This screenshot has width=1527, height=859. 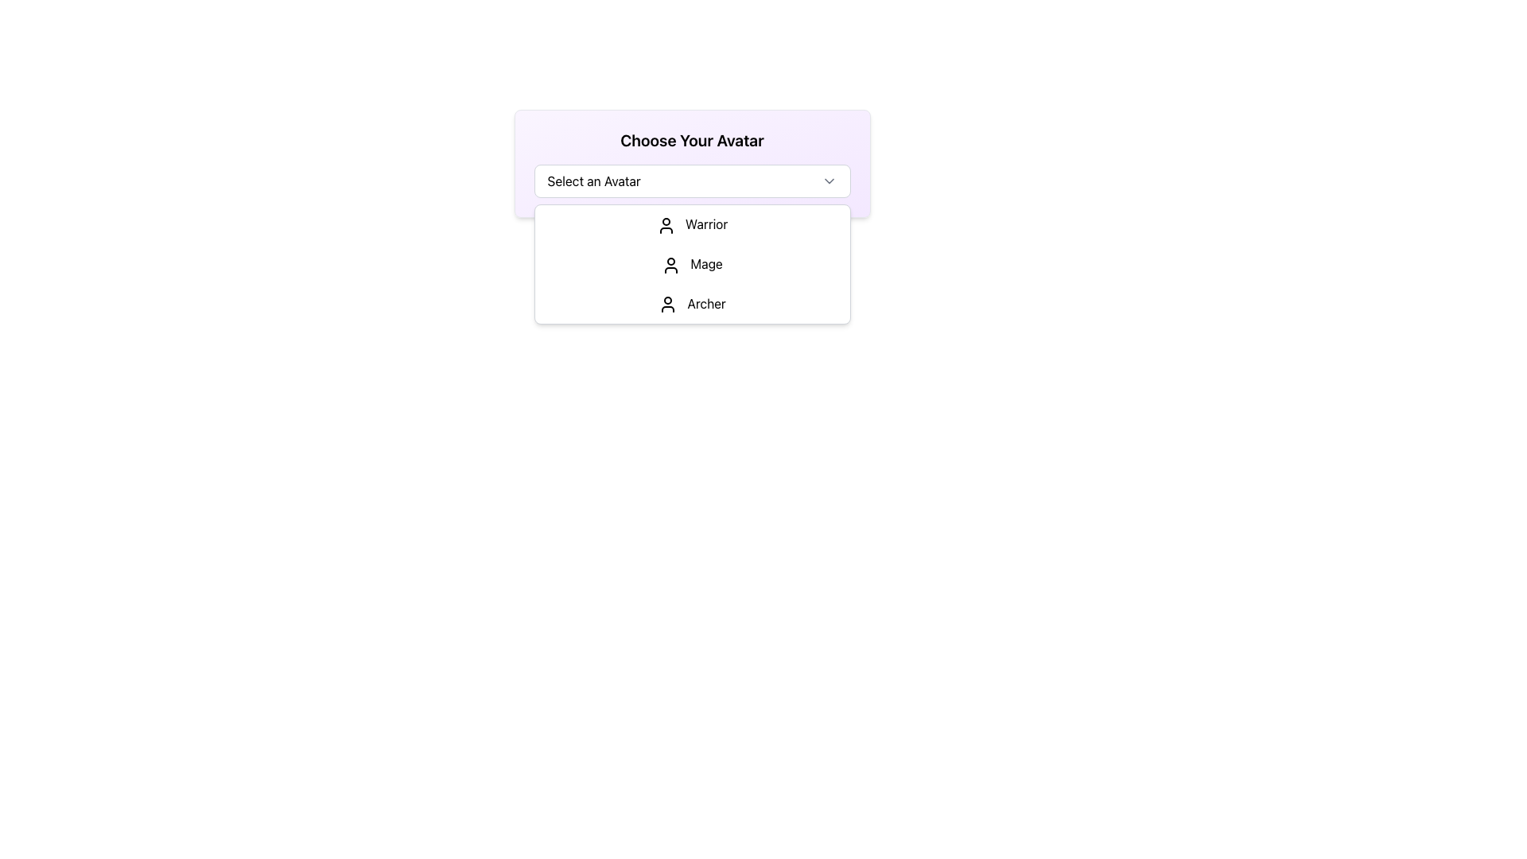 I want to click on the downward pointing arrow icon located to the far right of the 'Select an Avatar' button, so click(x=828, y=180).